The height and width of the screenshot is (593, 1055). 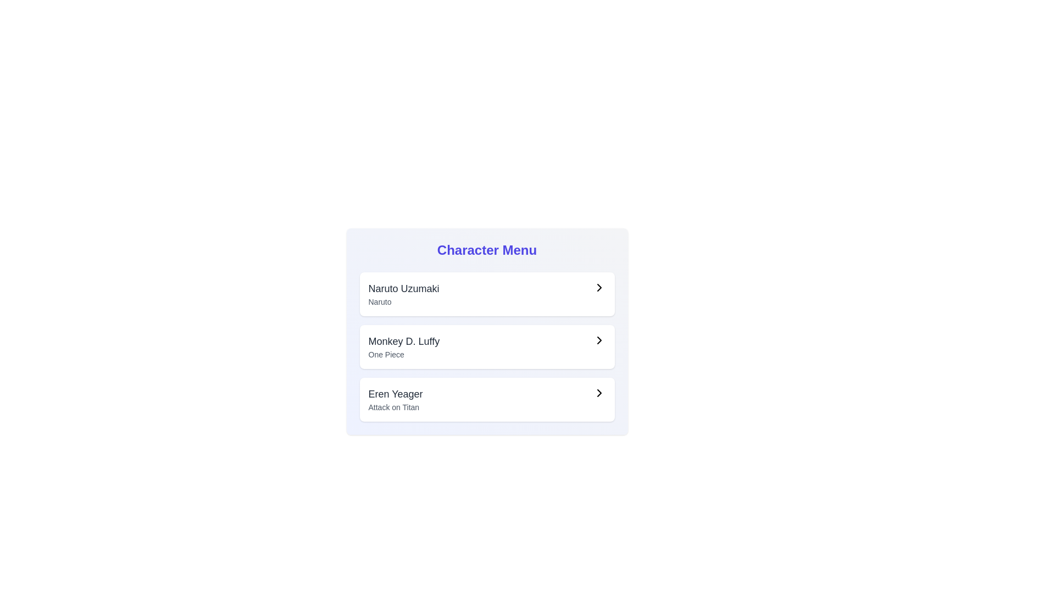 What do you see at coordinates (486, 331) in the screenshot?
I see `the second item` at bounding box center [486, 331].